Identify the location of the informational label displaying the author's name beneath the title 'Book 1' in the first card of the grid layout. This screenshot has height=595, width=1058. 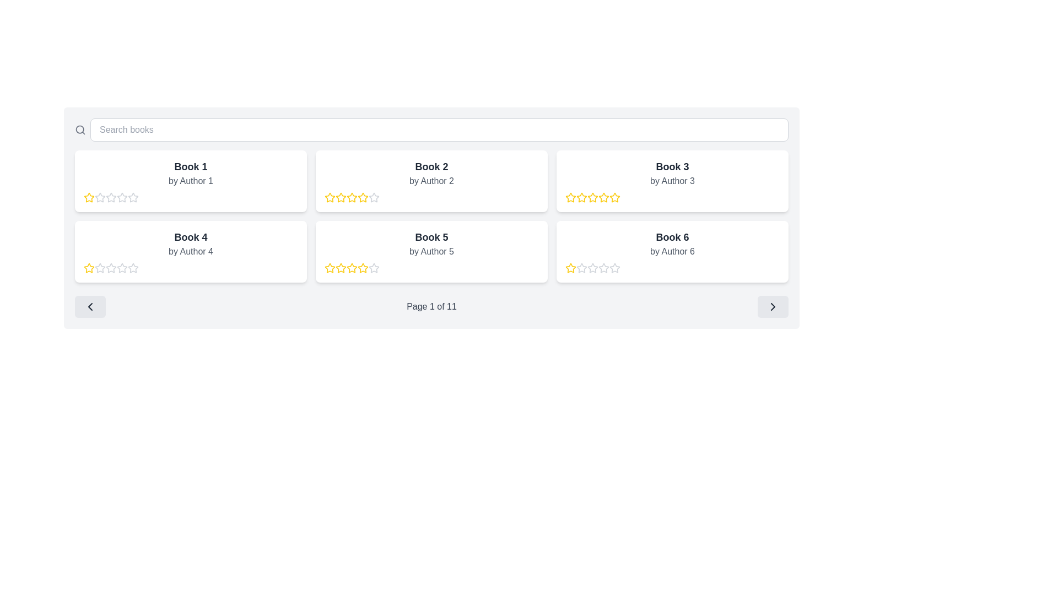
(191, 180).